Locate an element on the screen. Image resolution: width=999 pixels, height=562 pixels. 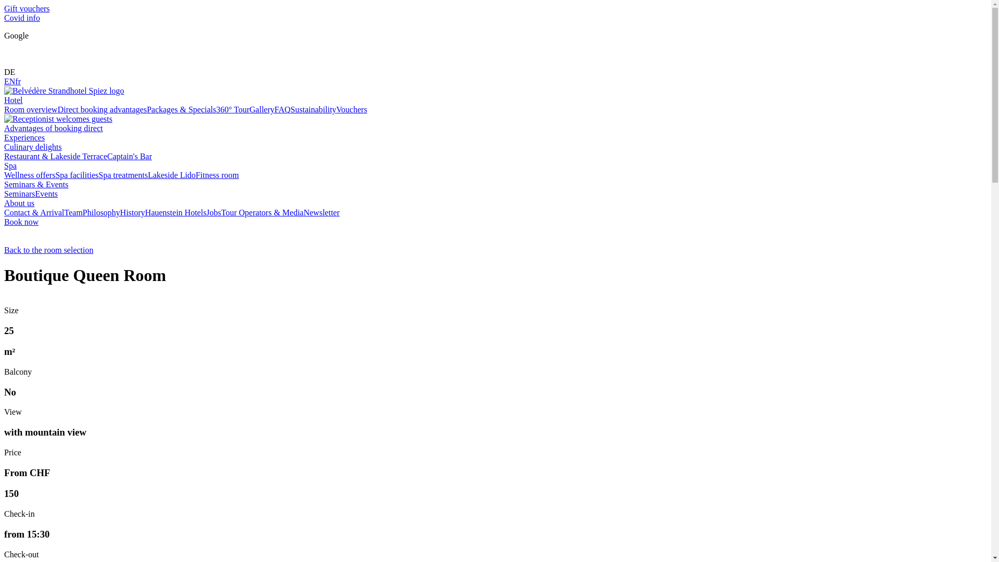
'EN' is located at coordinates (4, 81).